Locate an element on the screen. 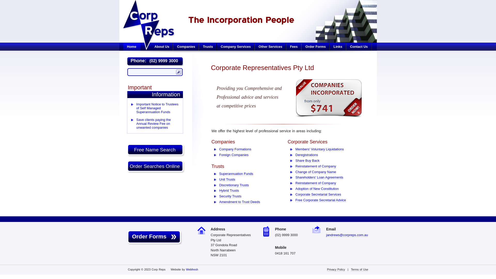 The height and width of the screenshot is (279, 496). 'Company Services' is located at coordinates (235, 47).